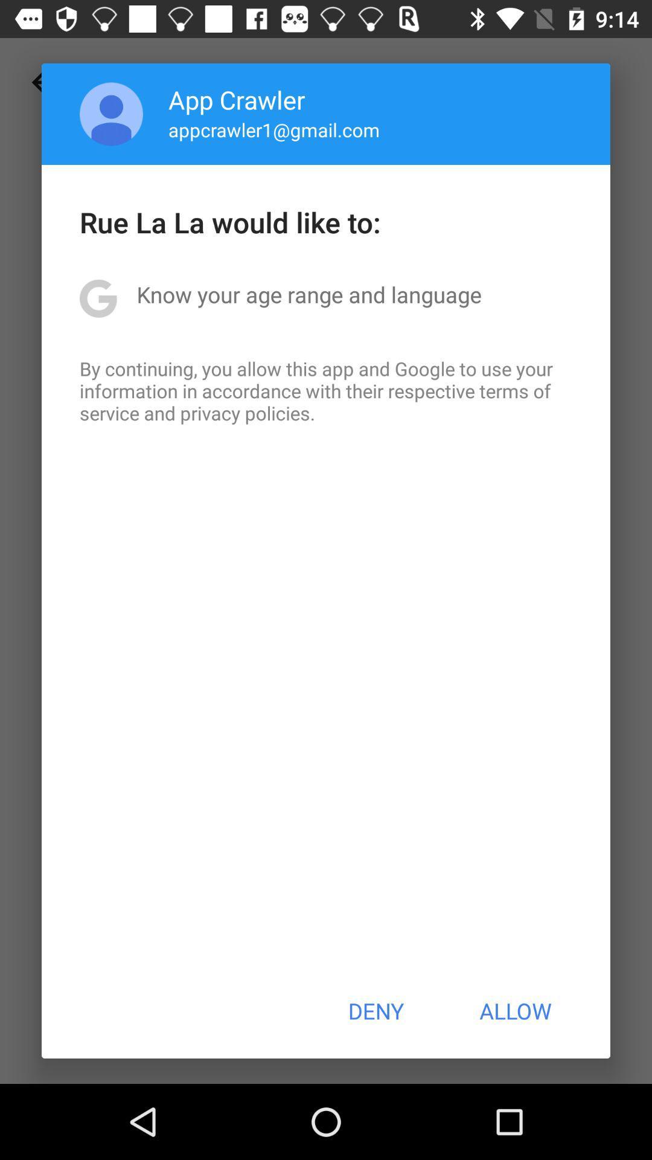 The image size is (652, 1160). I want to click on the app next to app crawler app, so click(111, 114).